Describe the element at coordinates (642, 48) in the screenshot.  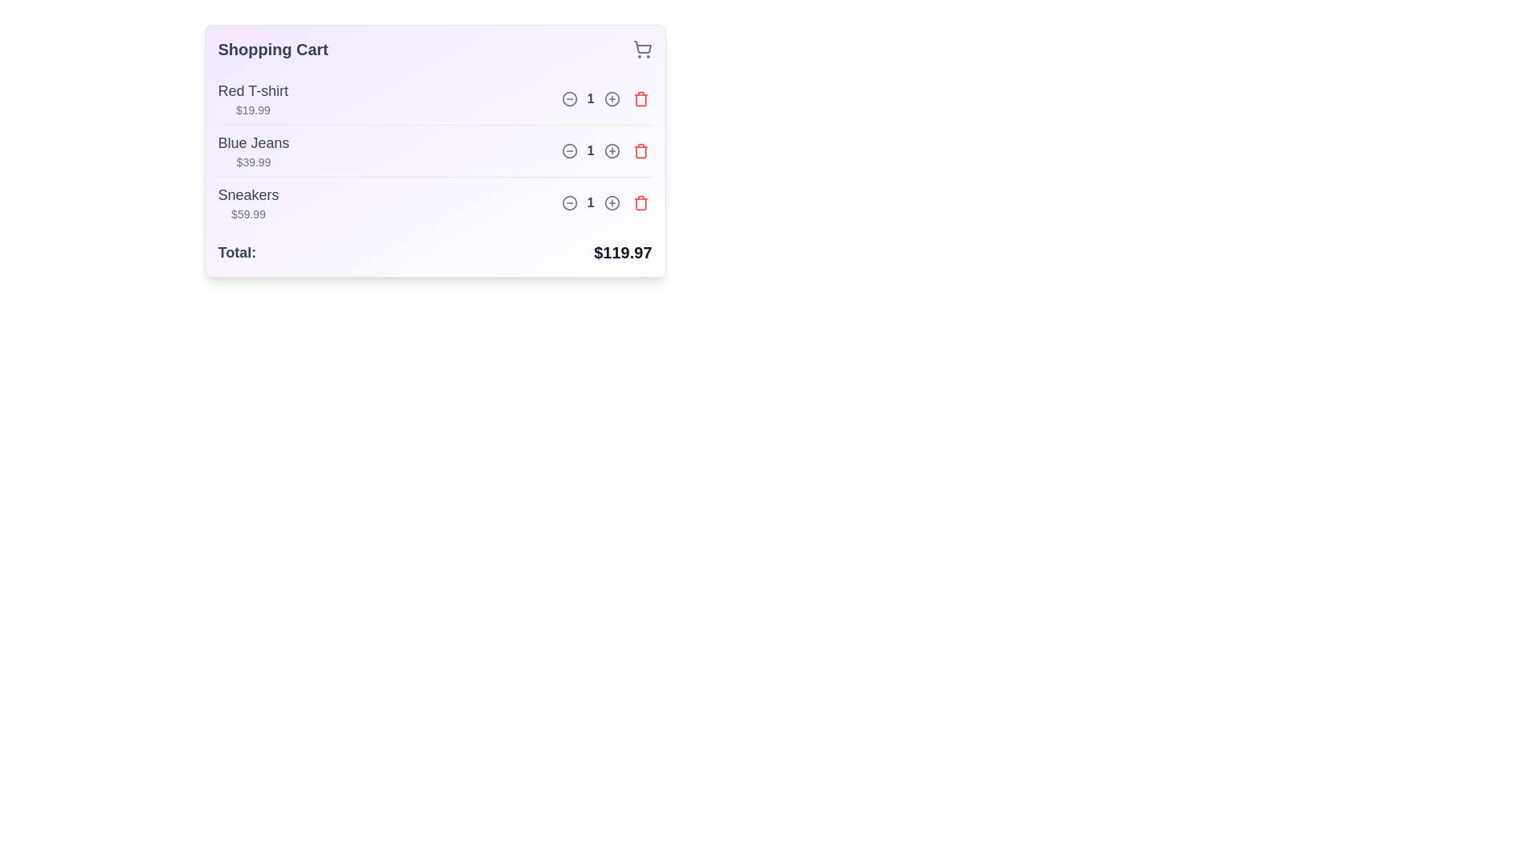
I see `the shopping cart icon located in the top-right corner of the 'Shopping Cart' section to interact with it` at that location.